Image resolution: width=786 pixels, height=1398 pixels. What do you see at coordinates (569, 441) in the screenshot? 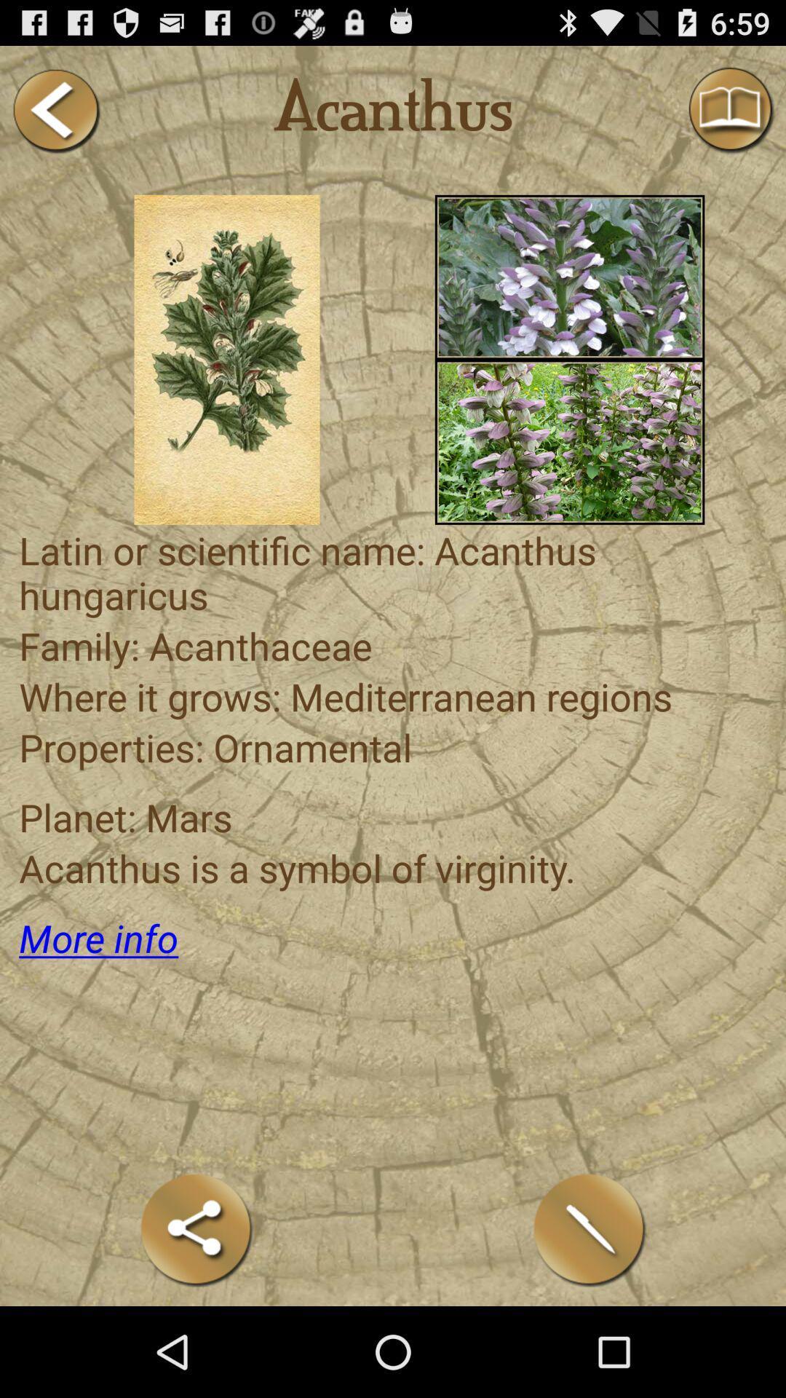
I see `picture` at bounding box center [569, 441].